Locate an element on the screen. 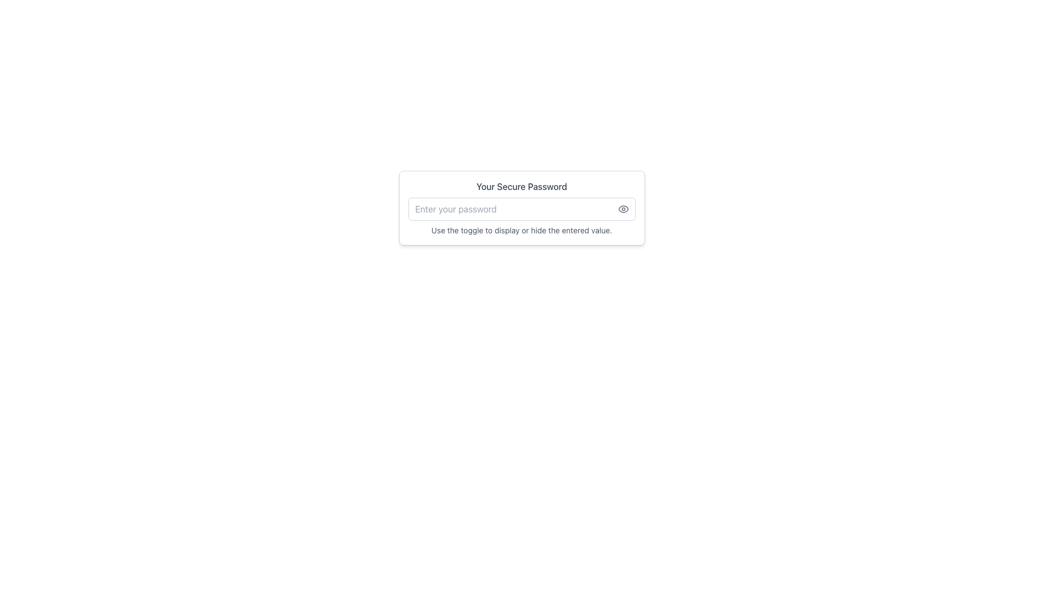  the Password Input Section labeled 'Your Secure Password' is located at coordinates (521, 208).